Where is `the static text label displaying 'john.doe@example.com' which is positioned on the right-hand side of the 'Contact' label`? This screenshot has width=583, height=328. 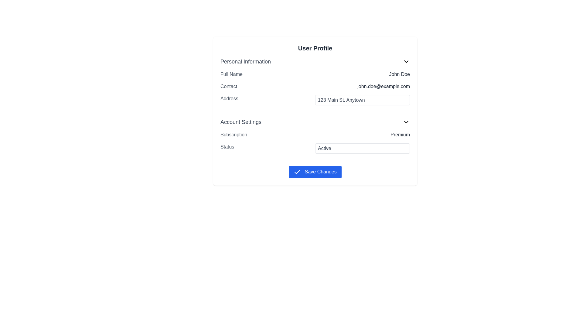
the static text label displaying 'john.doe@example.com' which is positioned on the right-hand side of the 'Contact' label is located at coordinates (383, 87).